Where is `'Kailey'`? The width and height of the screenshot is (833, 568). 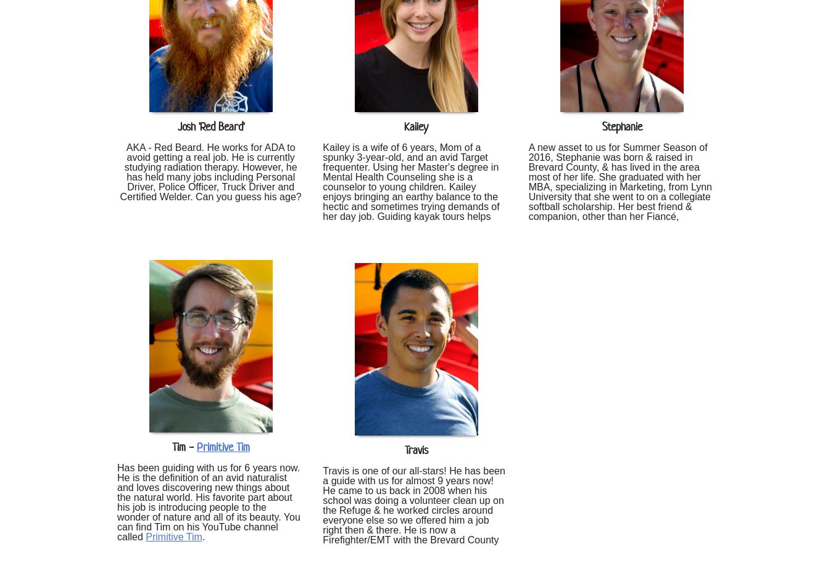
'Kailey' is located at coordinates (416, 126).